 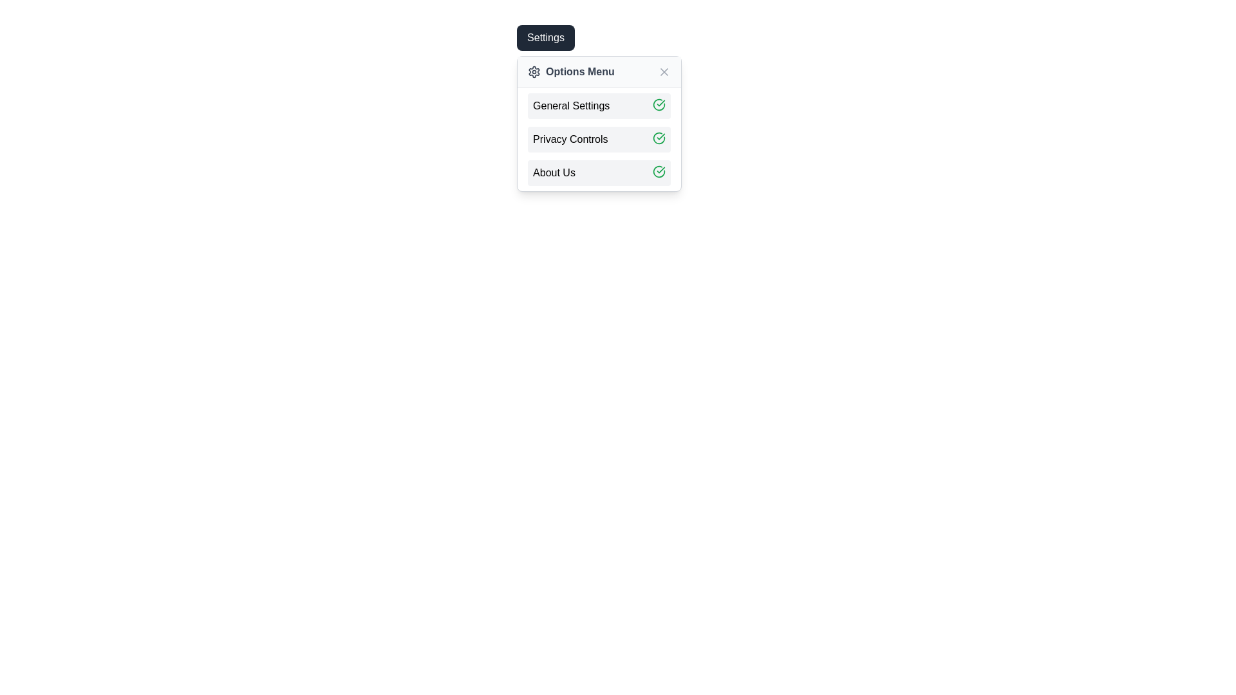 I want to click on the 'About Us' menu item located in the 'Options Menu' dropdown, so click(x=599, y=172).